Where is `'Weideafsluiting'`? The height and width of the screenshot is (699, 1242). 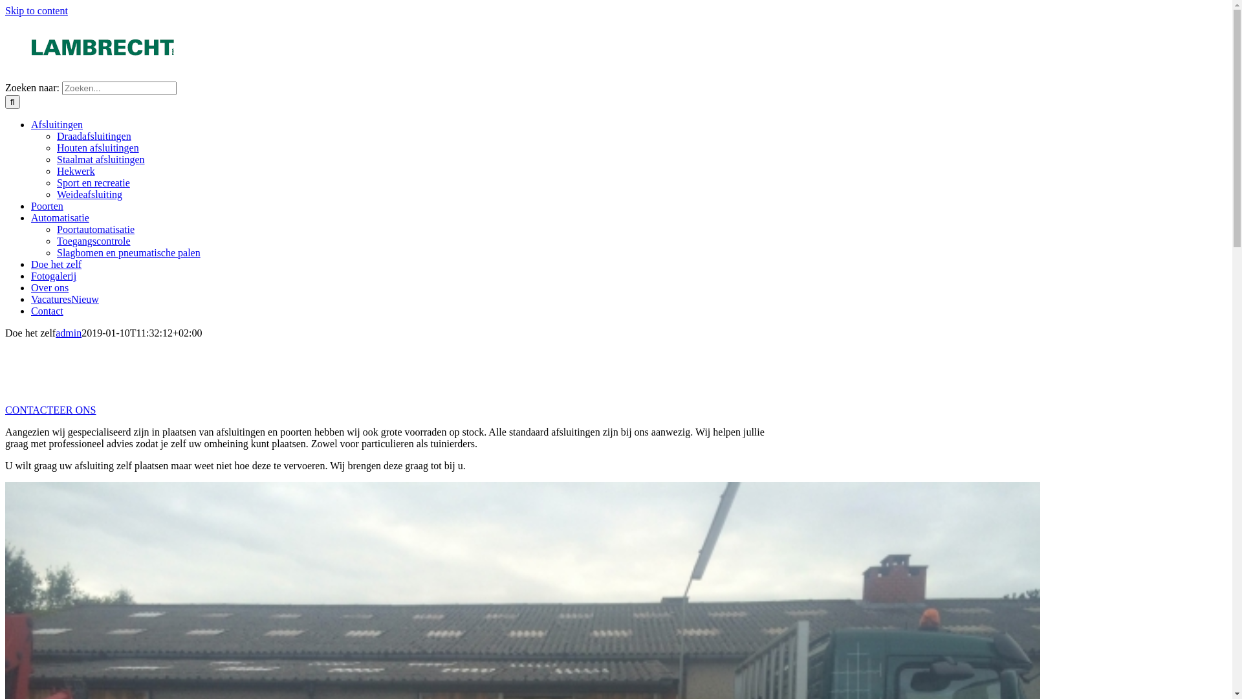 'Weideafsluiting' is located at coordinates (89, 194).